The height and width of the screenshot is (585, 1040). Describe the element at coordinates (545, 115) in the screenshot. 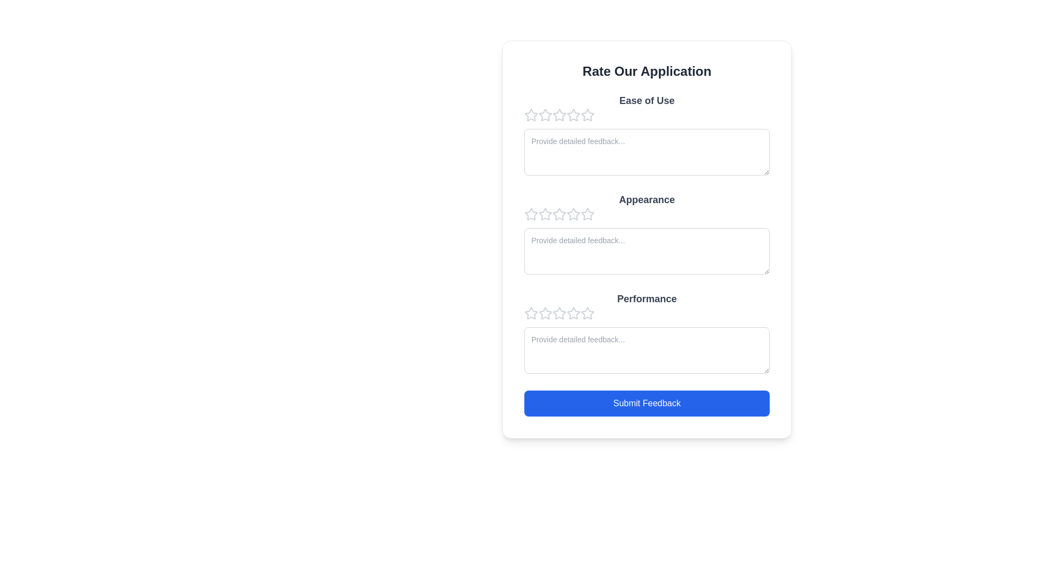

I see `the second clickable rating star icon located above the 'Ease of Use' label` at that location.